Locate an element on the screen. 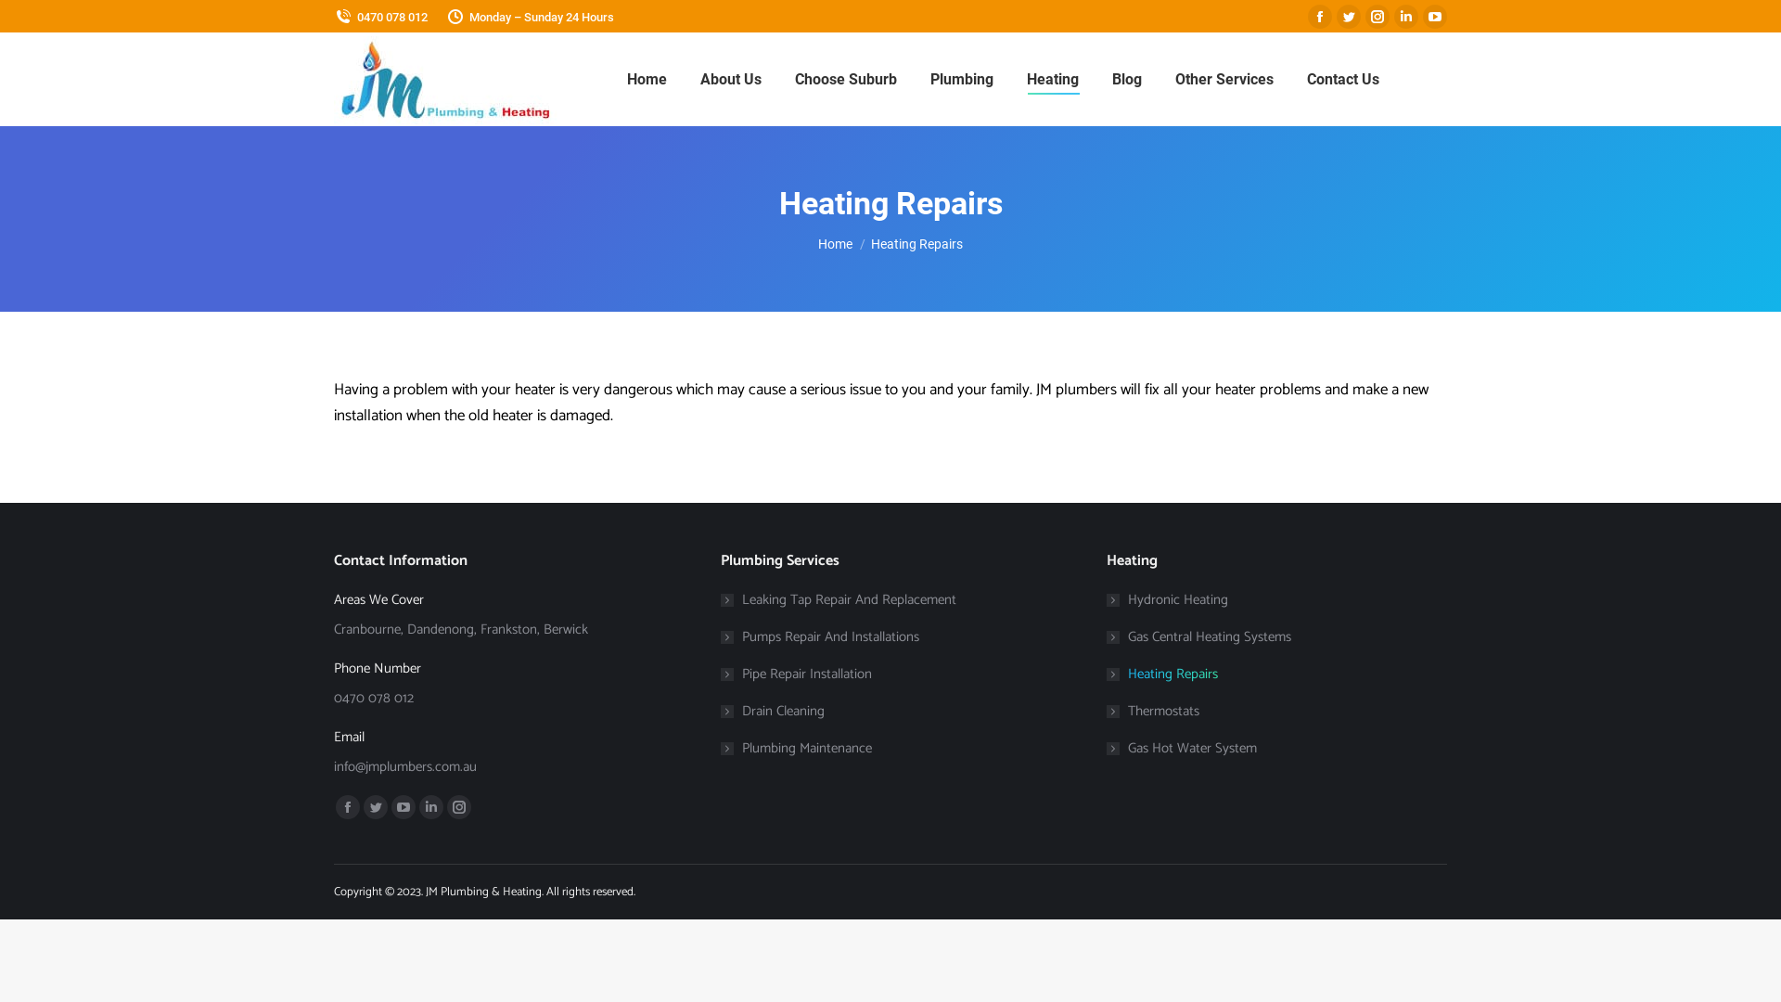 The width and height of the screenshot is (1781, 1002). 'Choose Suburb' is located at coordinates (844, 78).